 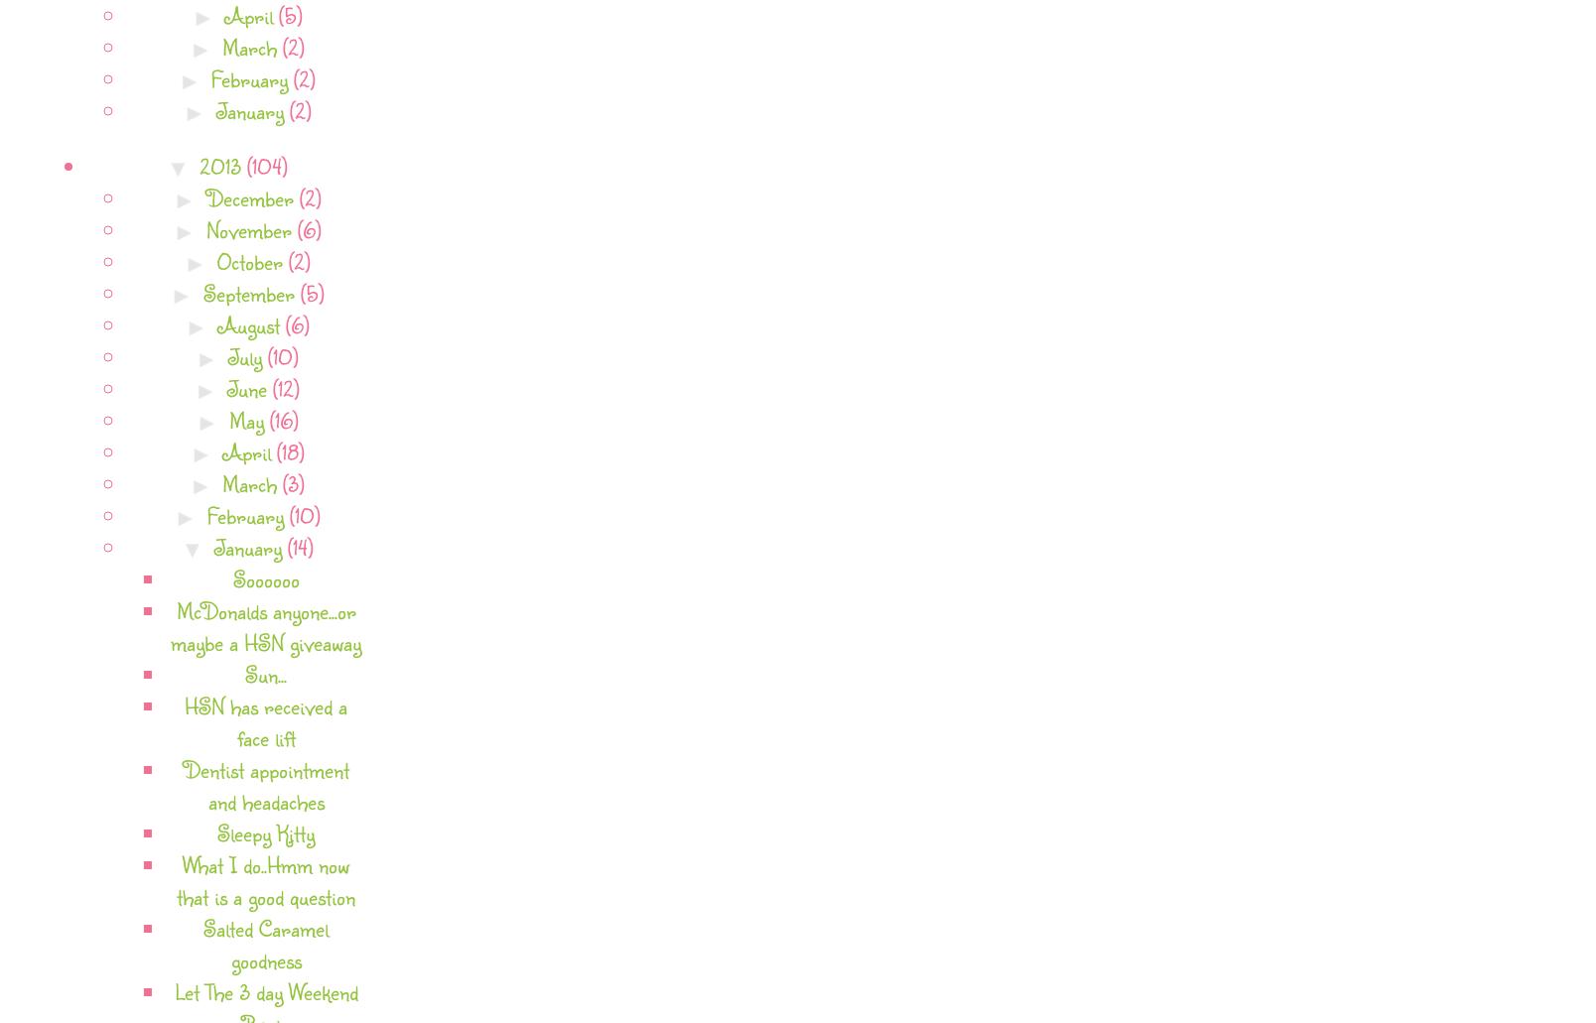 I want to click on 'Salted Caramel goodness', so click(x=266, y=942).